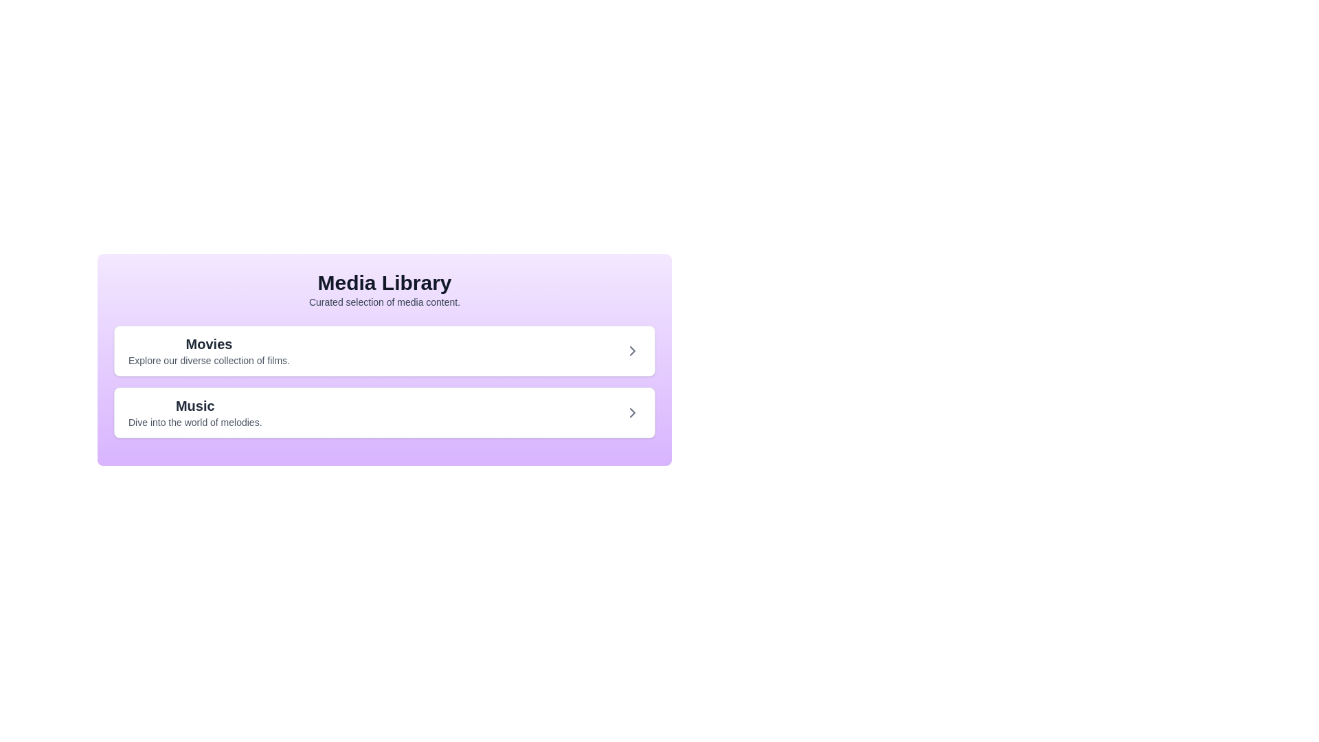 Image resolution: width=1319 pixels, height=742 pixels. What do you see at coordinates (632, 350) in the screenshot?
I see `the small gray chevron icon located at the far-right edge of the 'Movies' card` at bounding box center [632, 350].